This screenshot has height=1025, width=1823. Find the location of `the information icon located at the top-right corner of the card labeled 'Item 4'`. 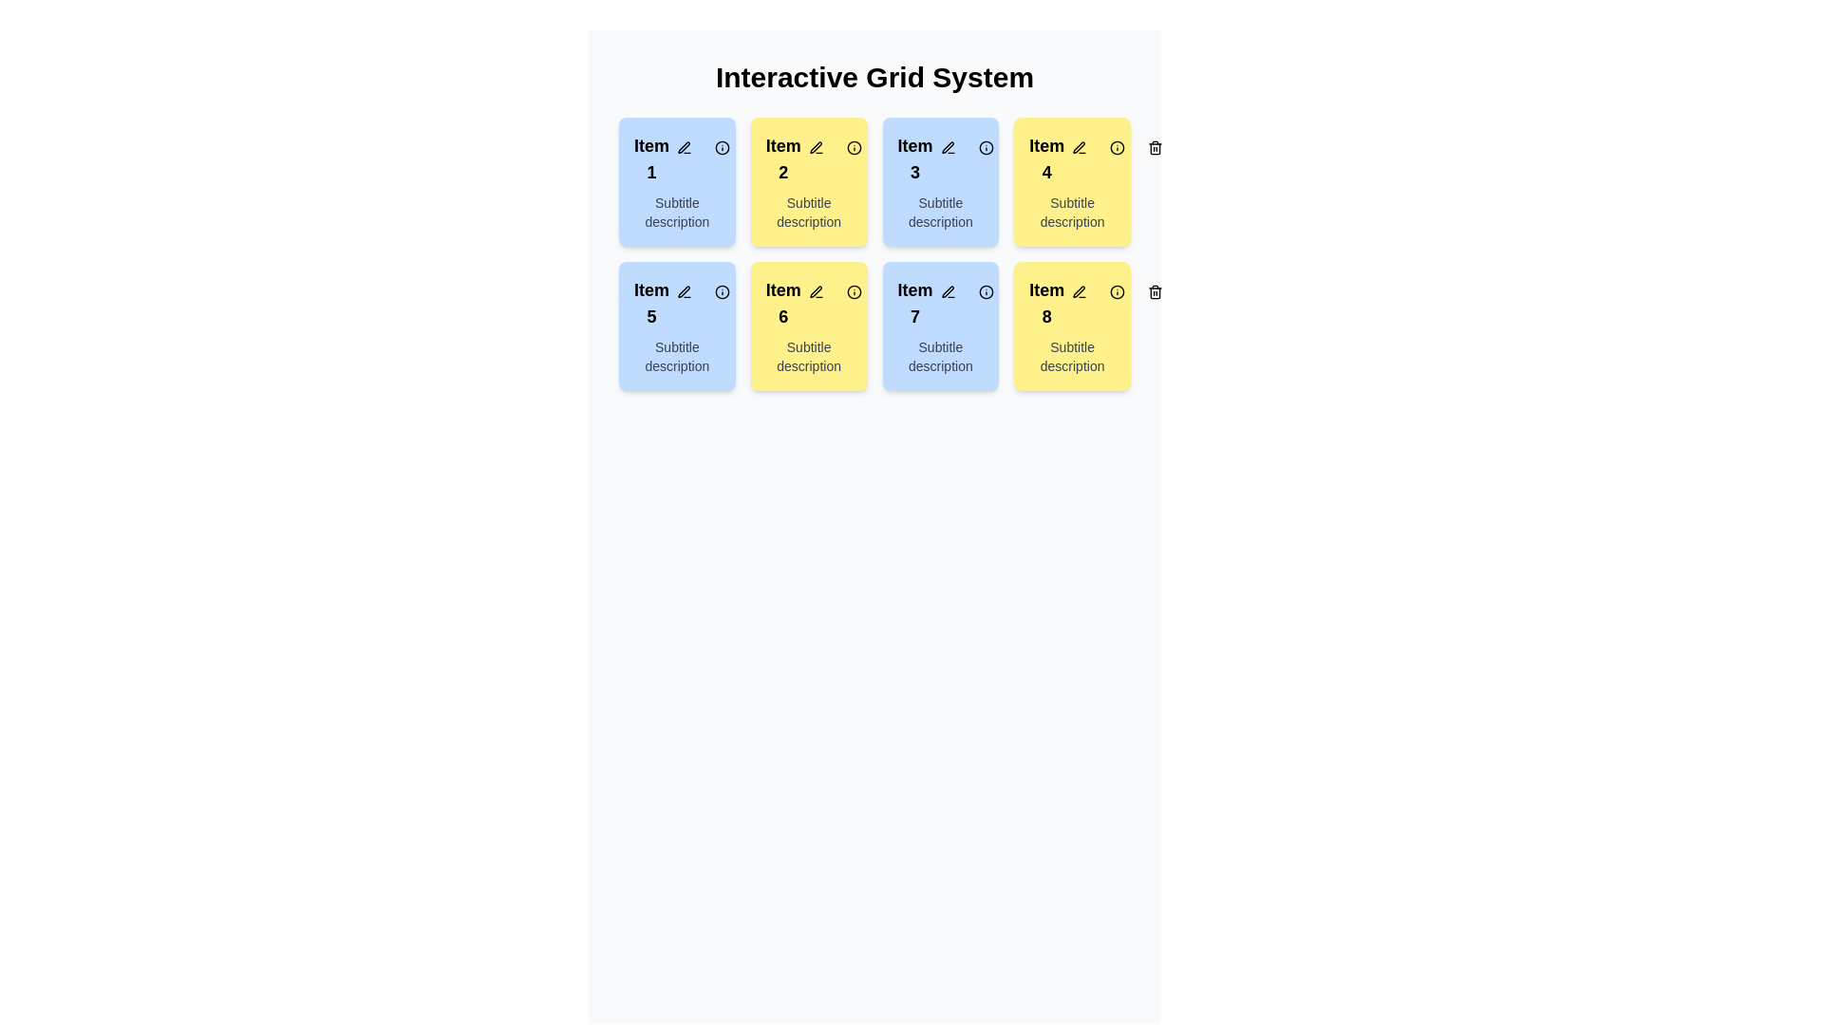

the information icon located at the top-right corner of the card labeled 'Item 4' is located at coordinates (1118, 146).